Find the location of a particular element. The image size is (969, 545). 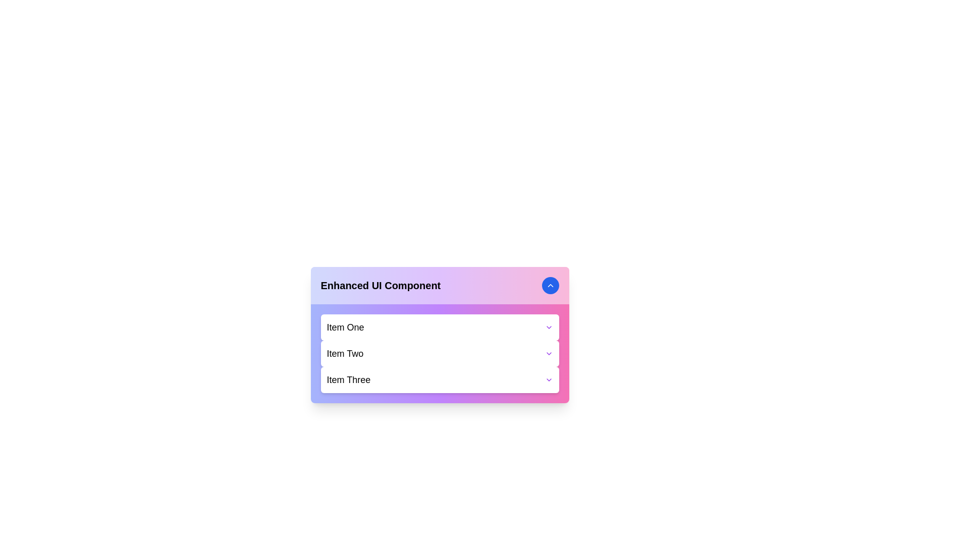

the first list item with dropdown functionality, which is styled with a white background and rounded corners, to provide visual feedback is located at coordinates (440, 327).